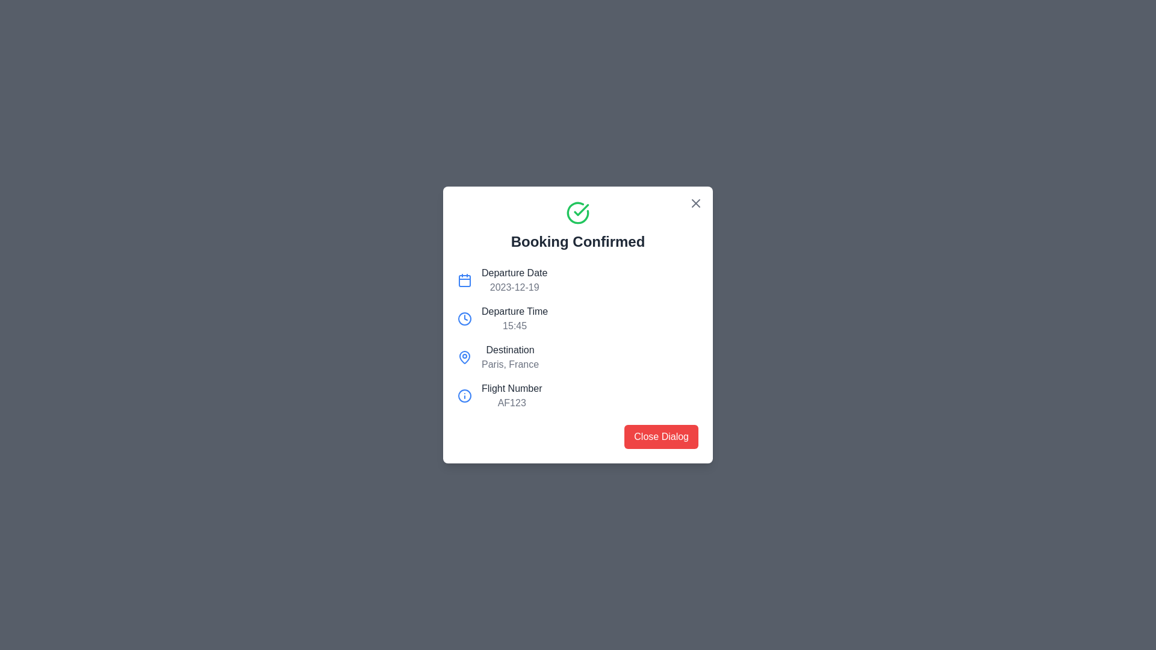 The height and width of the screenshot is (650, 1156). Describe the element at coordinates (514, 288) in the screenshot. I see `the static text displaying '2023-12-19', which is aligned right of the label 'Departure Date' in the second column of the dialog box under 'Booking Confirmed'` at that location.